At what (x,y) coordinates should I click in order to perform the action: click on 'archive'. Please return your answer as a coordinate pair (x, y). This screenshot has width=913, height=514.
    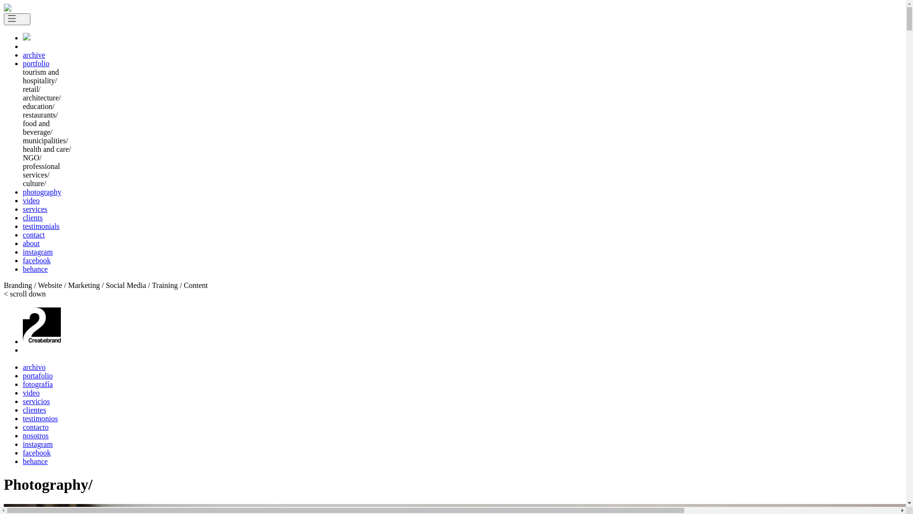
    Looking at the image, I should click on (34, 55).